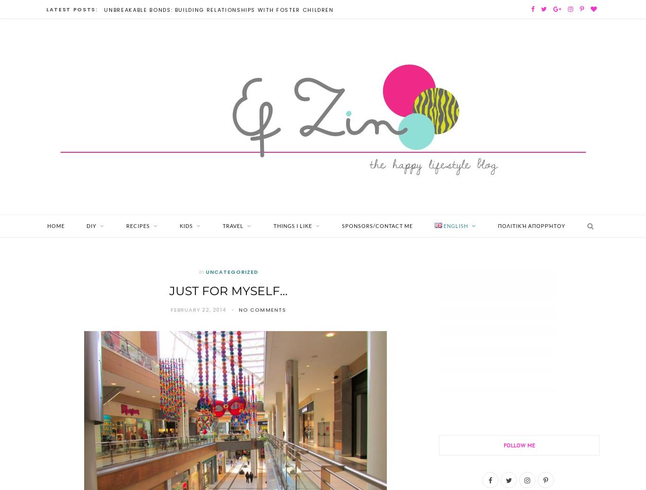  What do you see at coordinates (96, 302) in the screenshot?
I see `'fashion'` at bounding box center [96, 302].